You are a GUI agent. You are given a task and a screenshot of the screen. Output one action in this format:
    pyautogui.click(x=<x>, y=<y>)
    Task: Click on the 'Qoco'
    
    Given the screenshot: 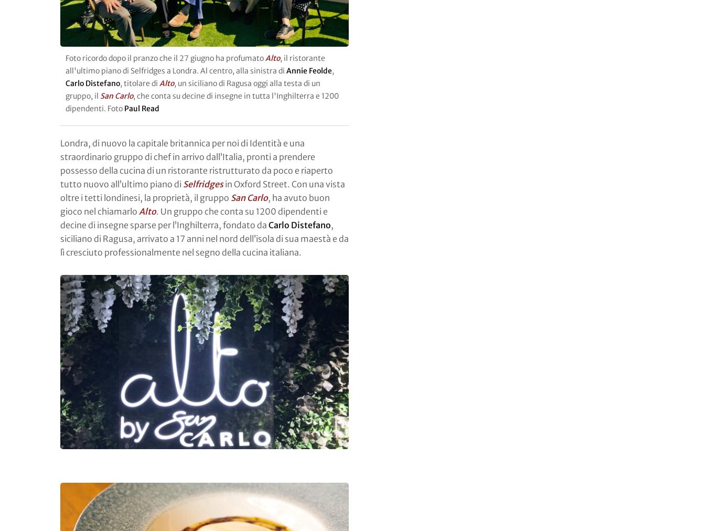 What is the action you would take?
    pyautogui.click(x=369, y=284)
    